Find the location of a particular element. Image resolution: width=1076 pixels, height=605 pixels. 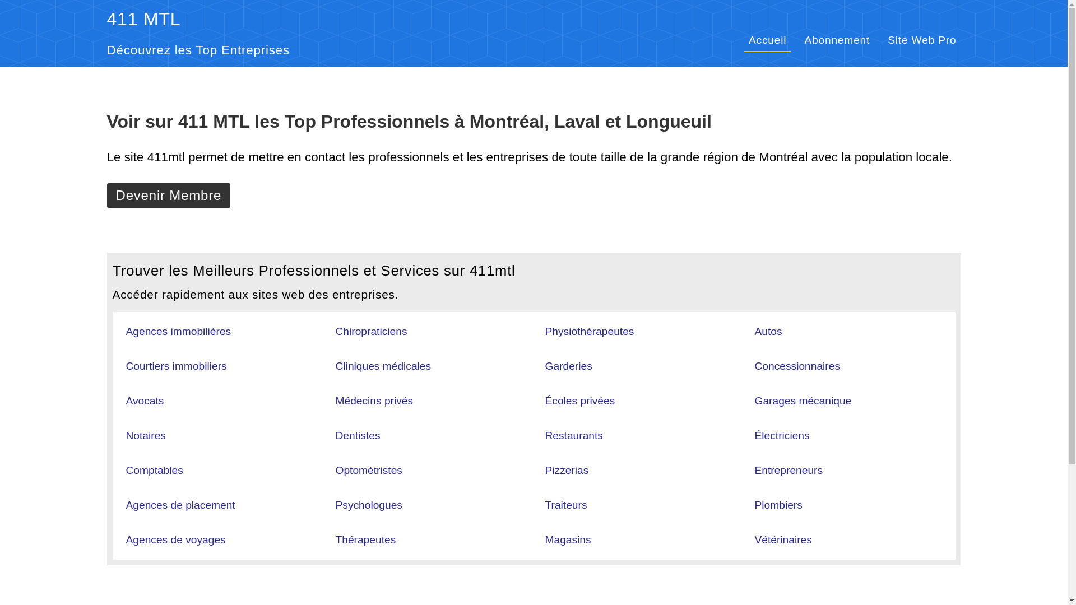

'411 MTL' is located at coordinates (142, 19).